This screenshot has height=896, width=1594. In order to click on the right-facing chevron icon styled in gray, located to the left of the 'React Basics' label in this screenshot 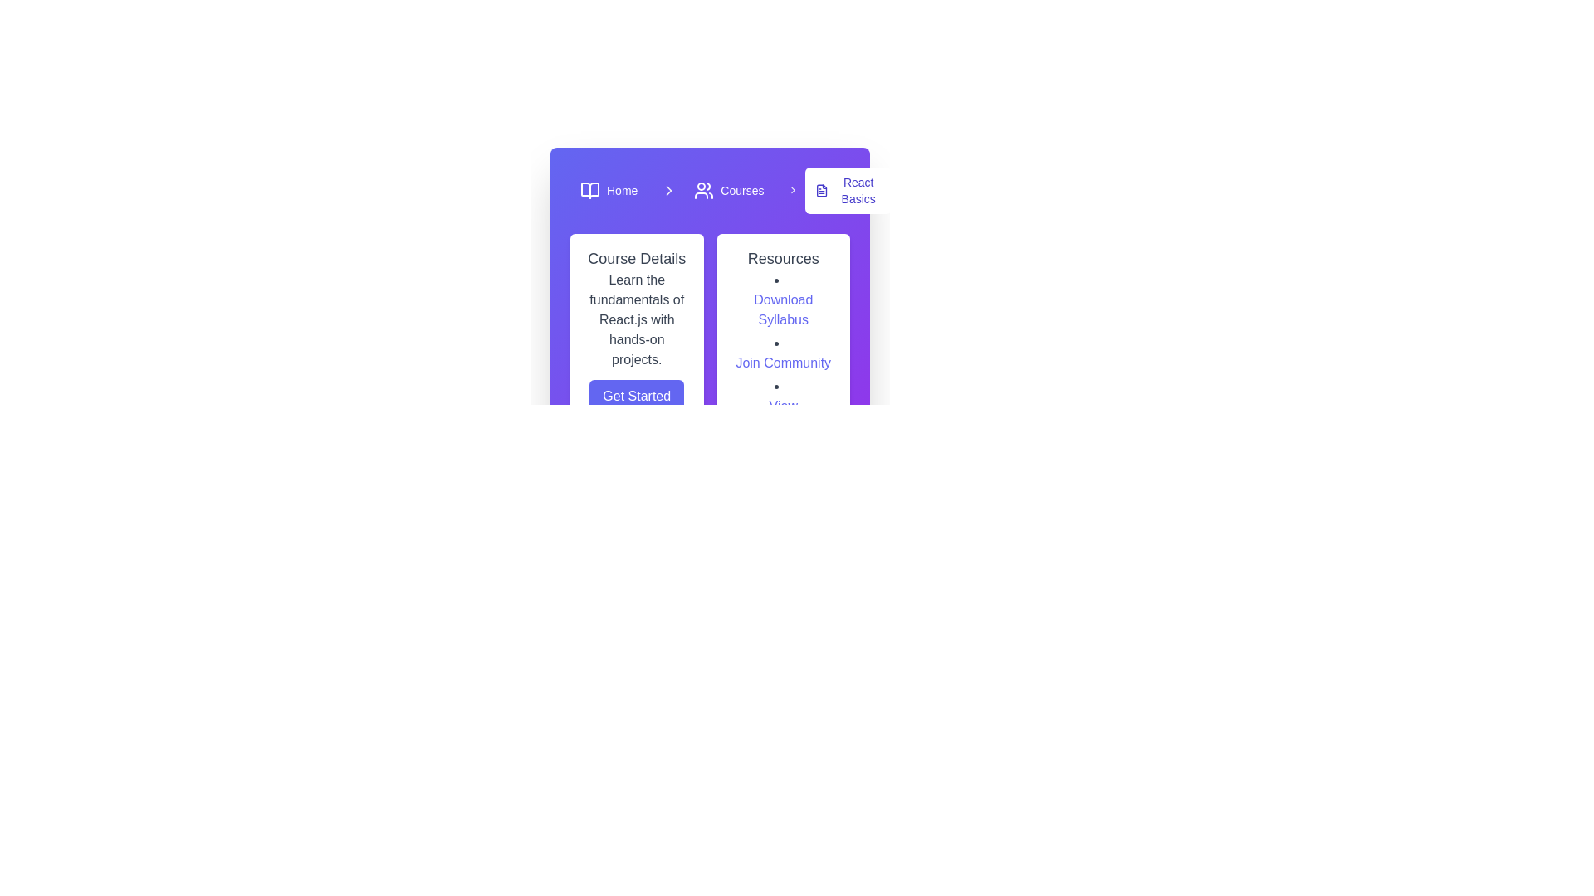, I will do `click(792, 190)`.